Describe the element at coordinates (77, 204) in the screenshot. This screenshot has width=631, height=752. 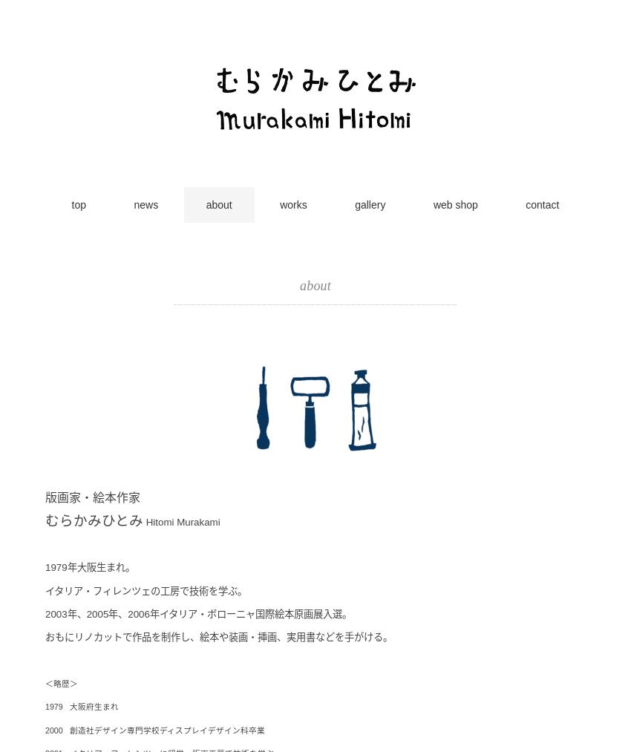
I see `'top'` at that location.